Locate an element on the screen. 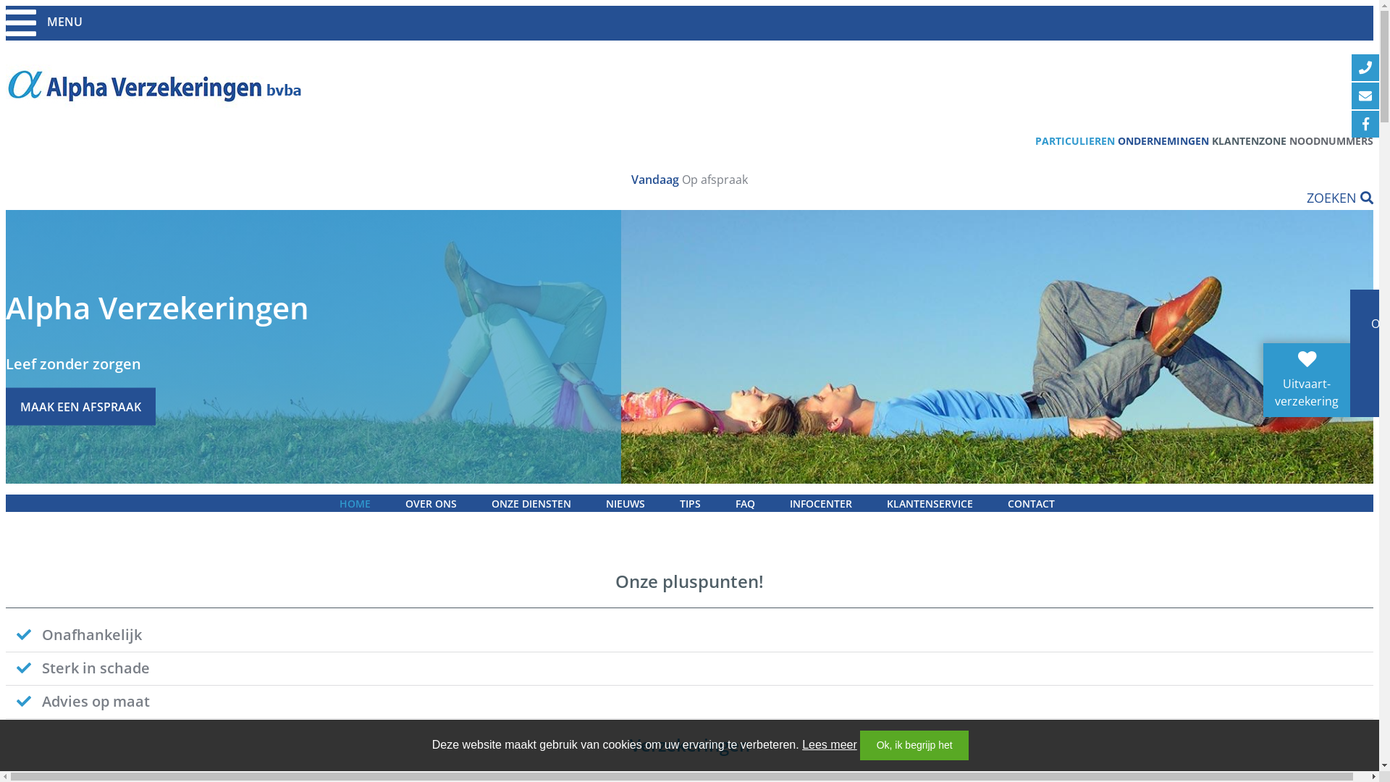  'ONZE DIENSTEN' is located at coordinates (530, 503).